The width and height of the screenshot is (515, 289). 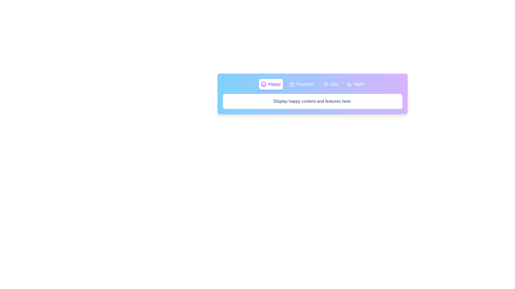 I want to click on the Happy tab to switch to its content, so click(x=271, y=84).